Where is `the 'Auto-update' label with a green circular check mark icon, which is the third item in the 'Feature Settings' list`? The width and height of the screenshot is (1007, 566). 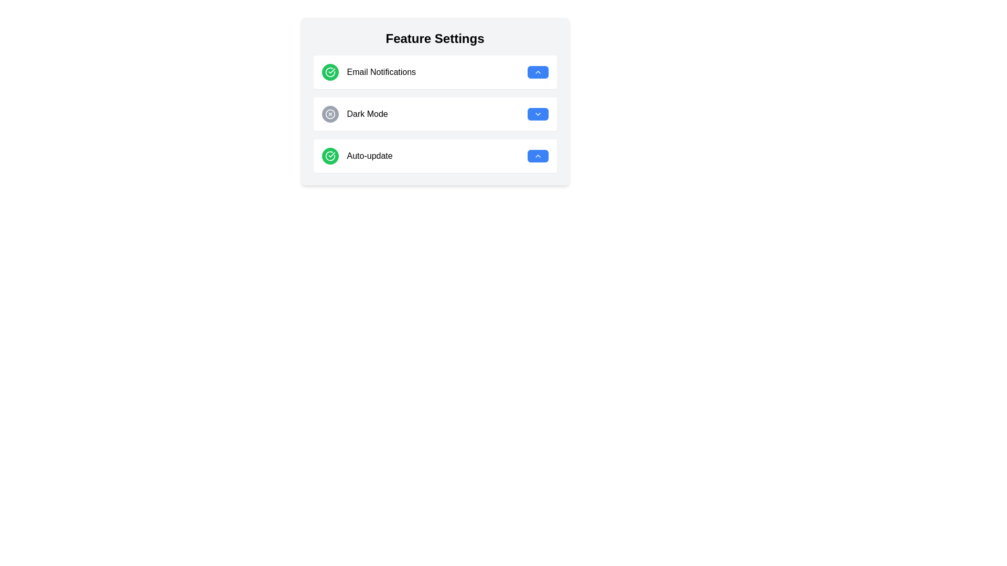
the 'Auto-update' label with a green circular check mark icon, which is the third item in the 'Feature Settings' list is located at coordinates (357, 156).